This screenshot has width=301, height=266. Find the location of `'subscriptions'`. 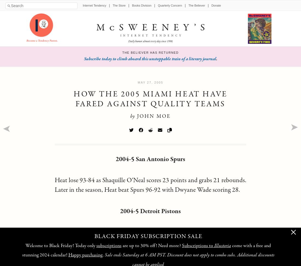

'subscriptions' is located at coordinates (96, 245).